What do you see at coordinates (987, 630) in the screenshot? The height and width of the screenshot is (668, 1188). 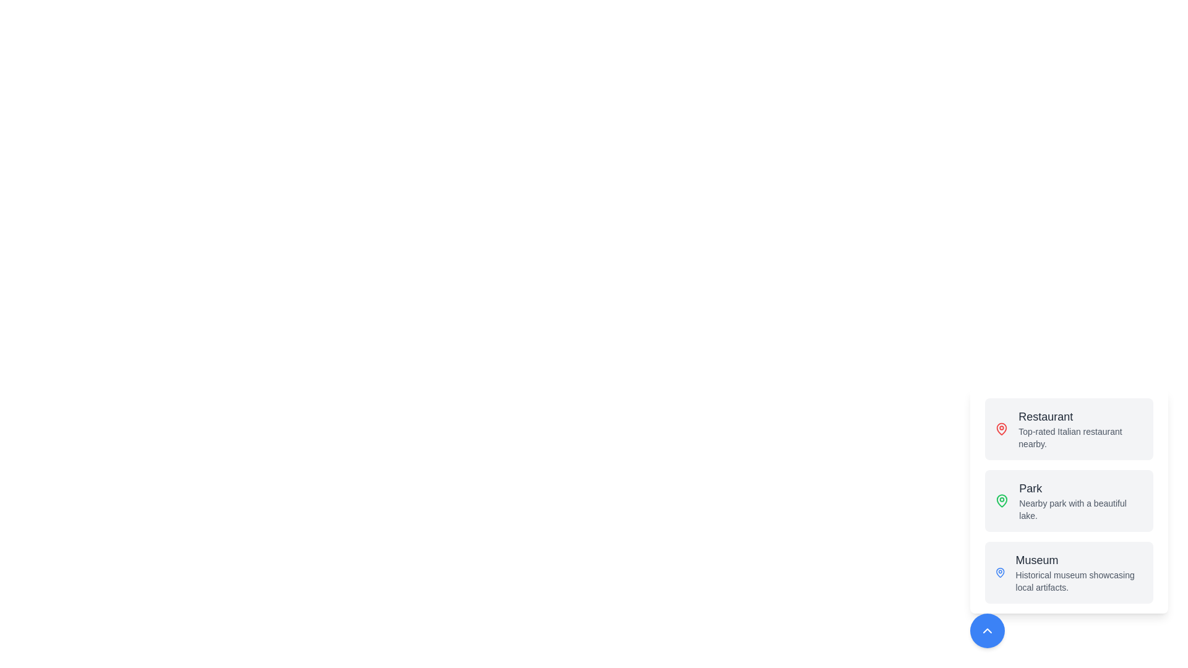 I see `toggle button at the bottom-right corner to expand or collapse the speed dial menu` at bounding box center [987, 630].